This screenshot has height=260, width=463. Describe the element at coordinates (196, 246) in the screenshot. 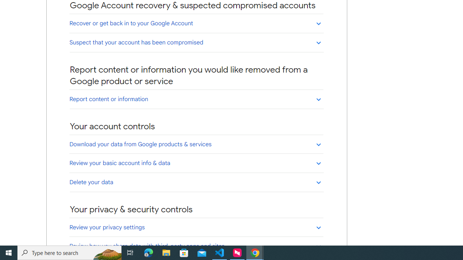

I see `'Review how you share data with third-party apps and sites'` at that location.